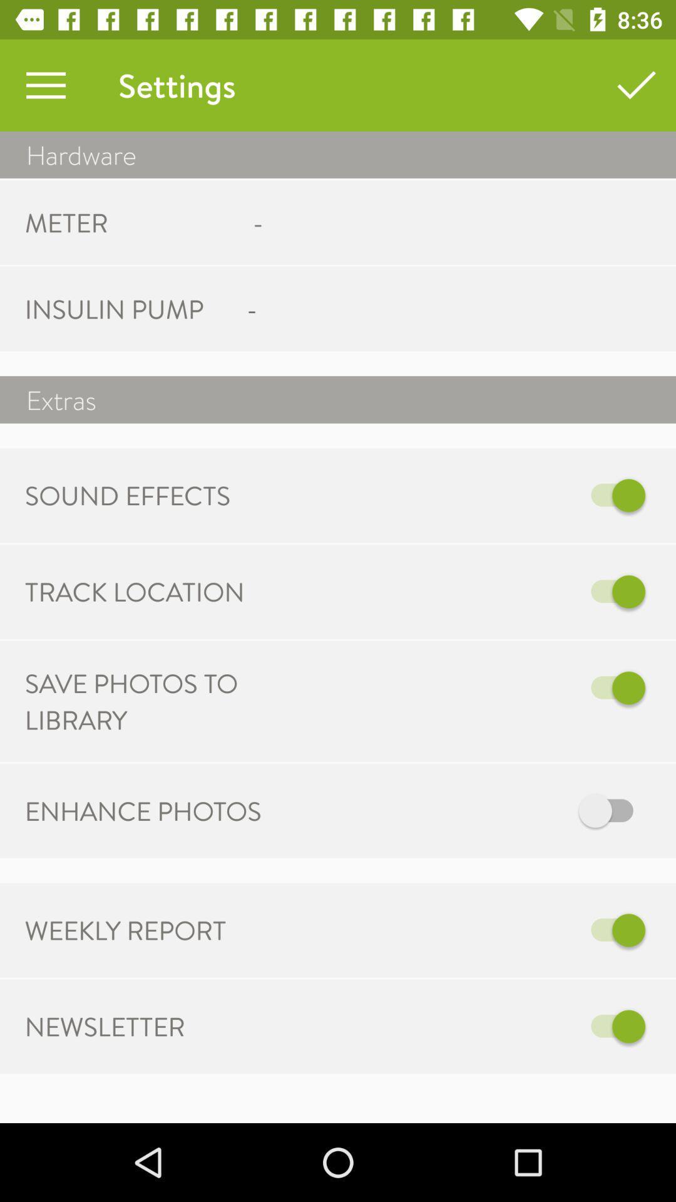 This screenshot has height=1202, width=676. What do you see at coordinates (468, 811) in the screenshot?
I see `option` at bounding box center [468, 811].